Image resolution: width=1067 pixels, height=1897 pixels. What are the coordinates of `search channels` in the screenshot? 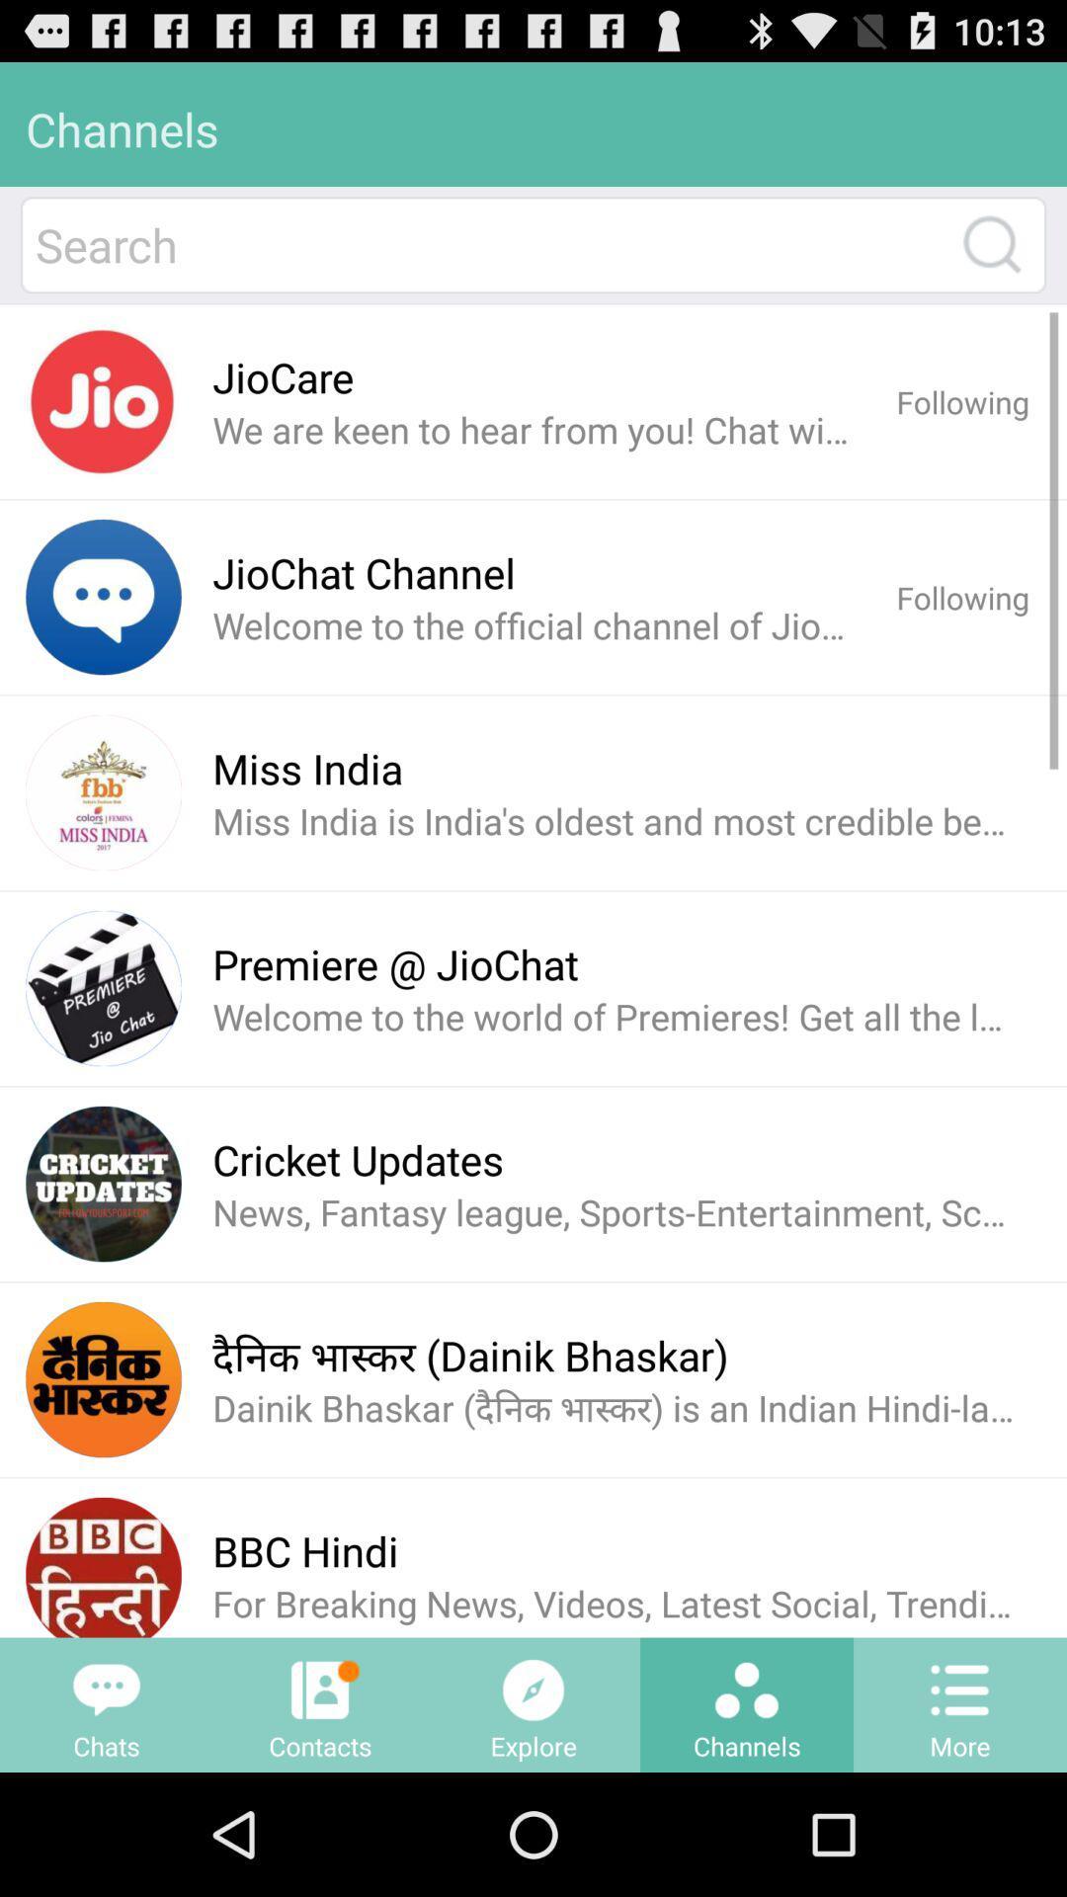 It's located at (992, 243).